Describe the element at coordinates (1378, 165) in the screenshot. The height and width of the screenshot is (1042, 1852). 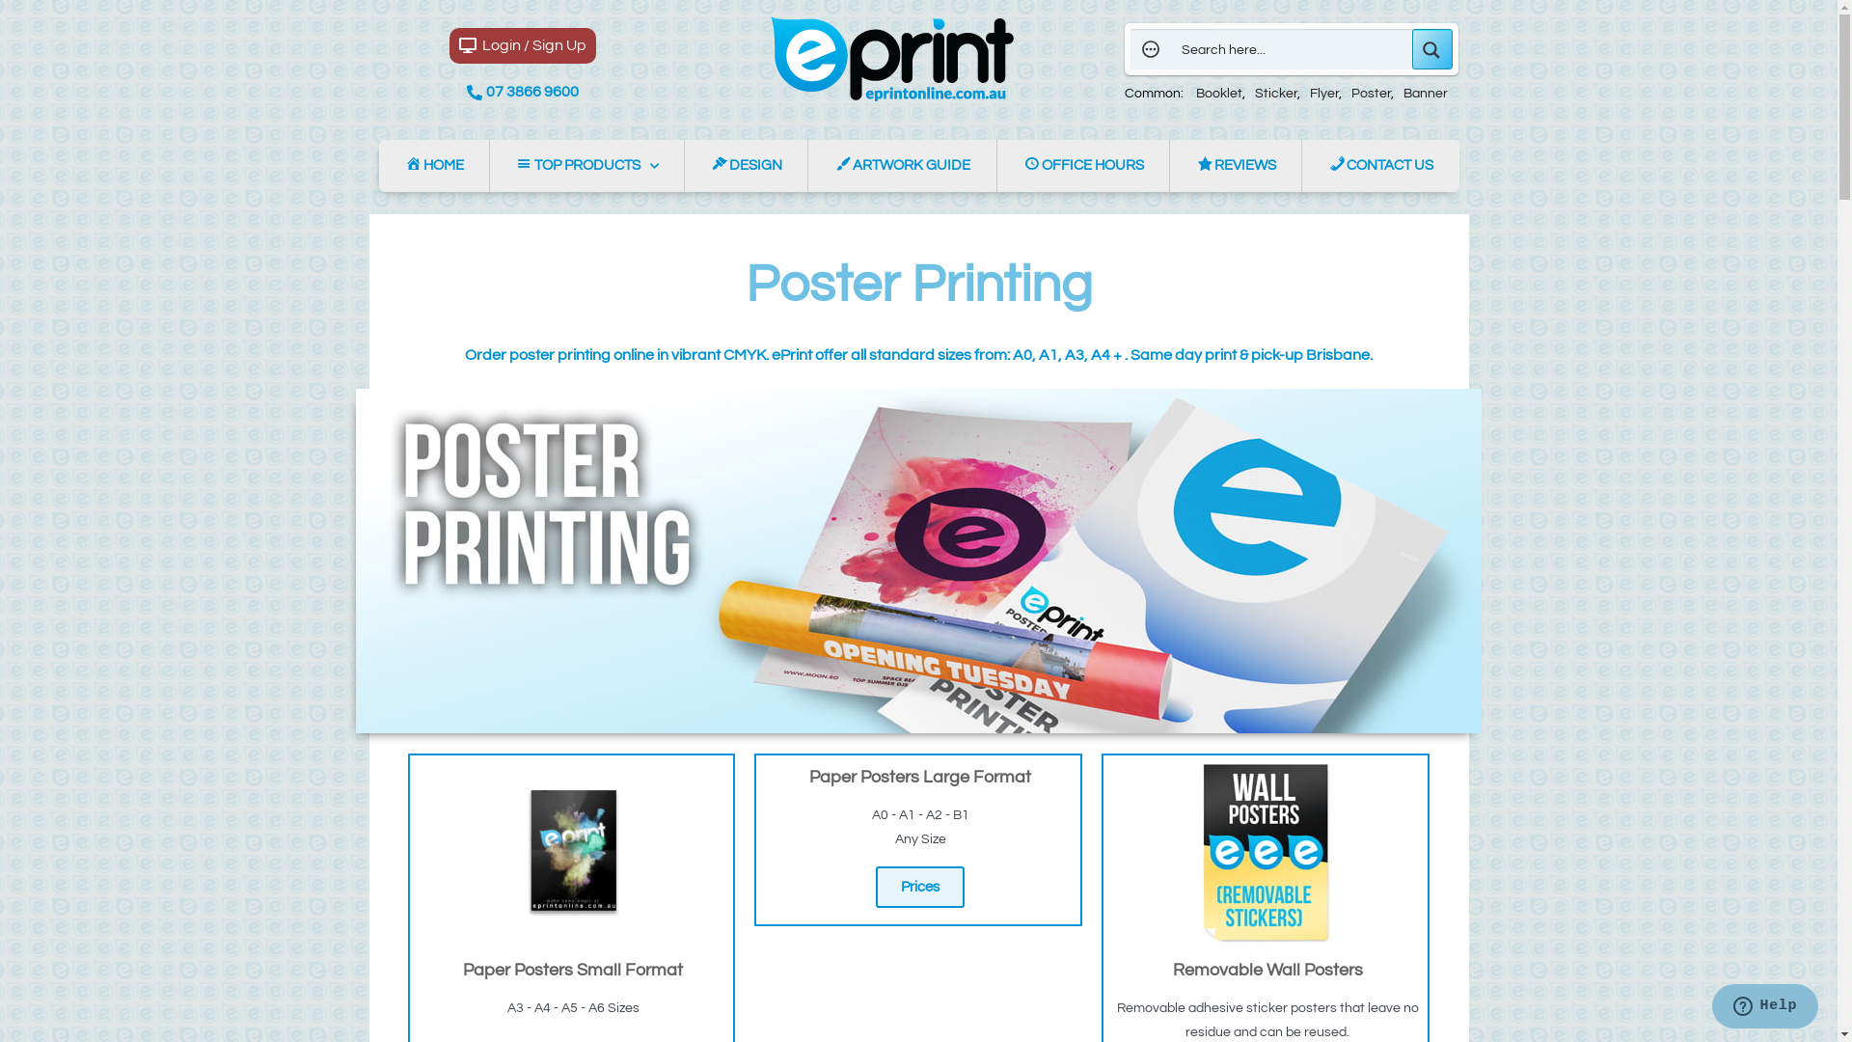
I see `'CONTACT US'` at that location.